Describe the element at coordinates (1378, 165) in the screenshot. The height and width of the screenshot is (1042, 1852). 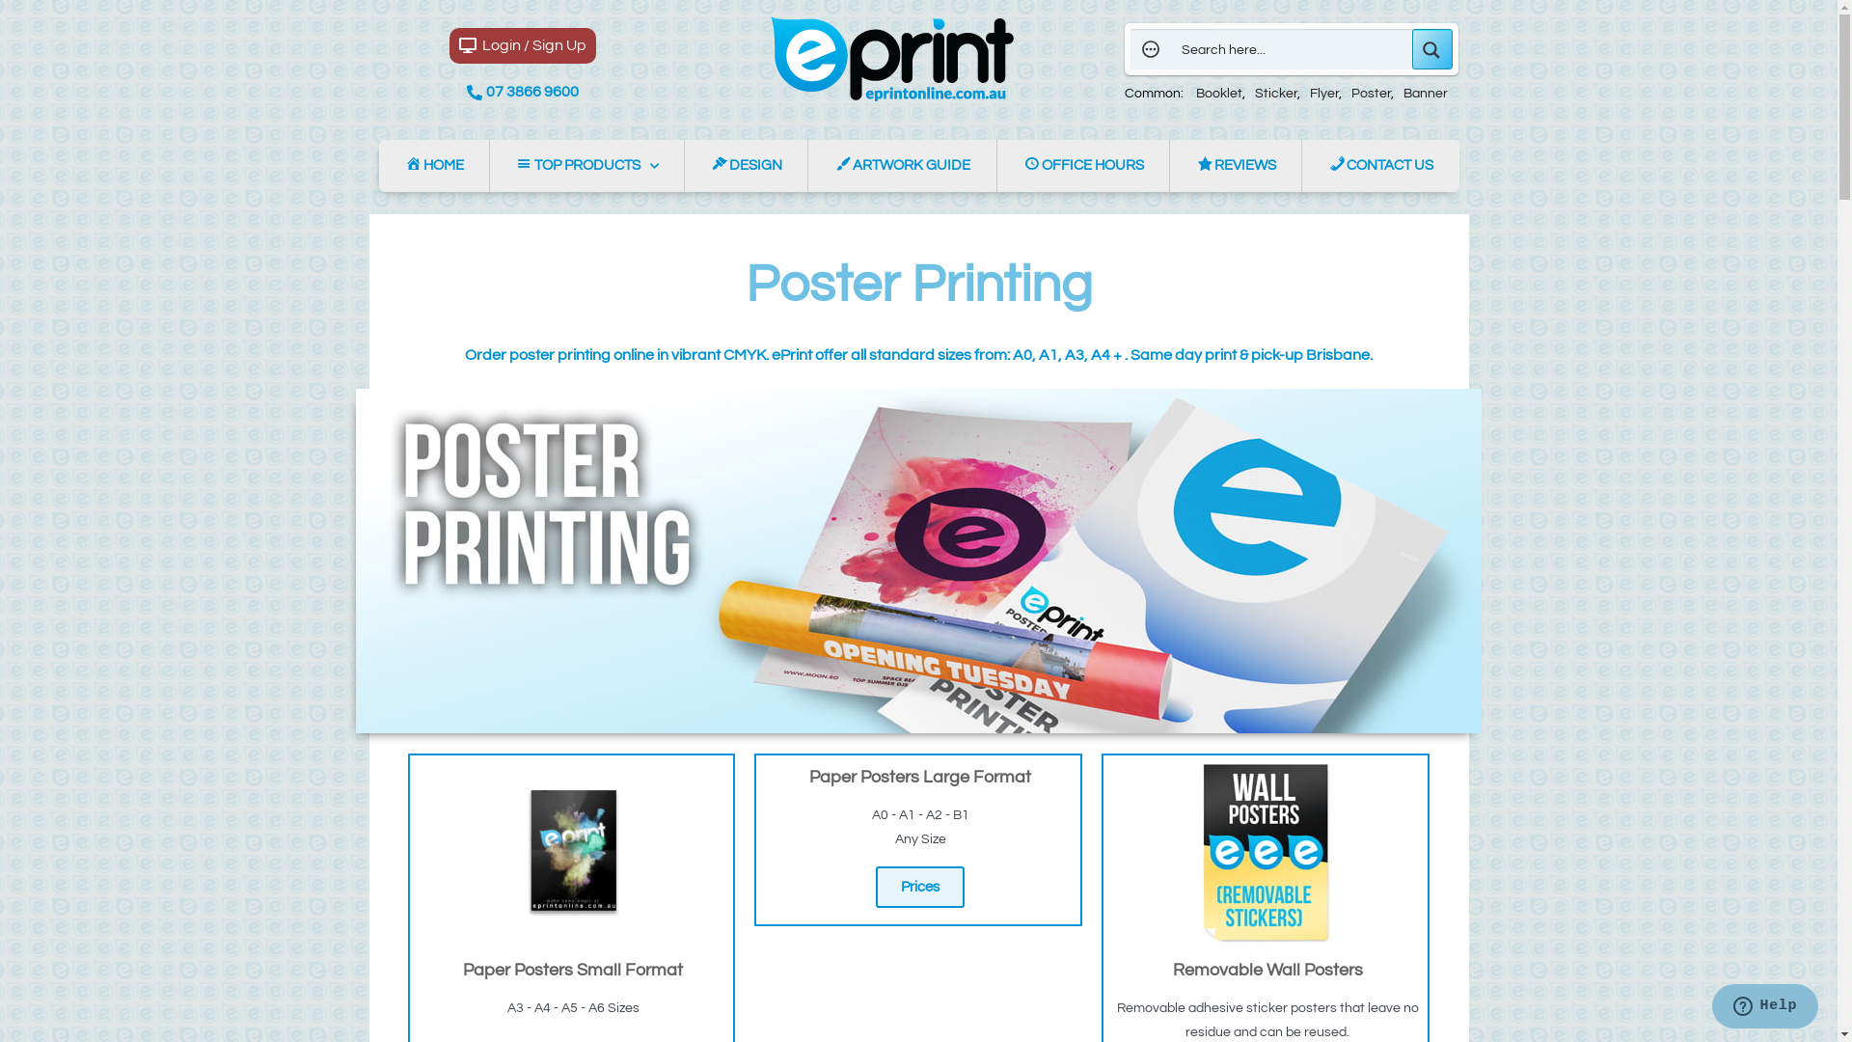
I see `'CONTACT US'` at that location.